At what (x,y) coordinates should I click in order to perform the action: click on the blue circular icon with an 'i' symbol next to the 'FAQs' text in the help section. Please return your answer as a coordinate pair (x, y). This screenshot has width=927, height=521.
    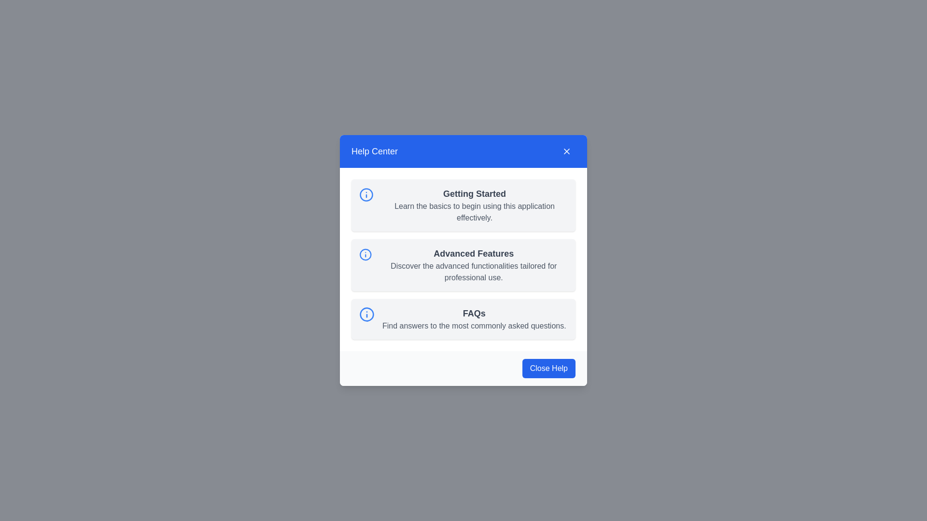
    Looking at the image, I should click on (463, 319).